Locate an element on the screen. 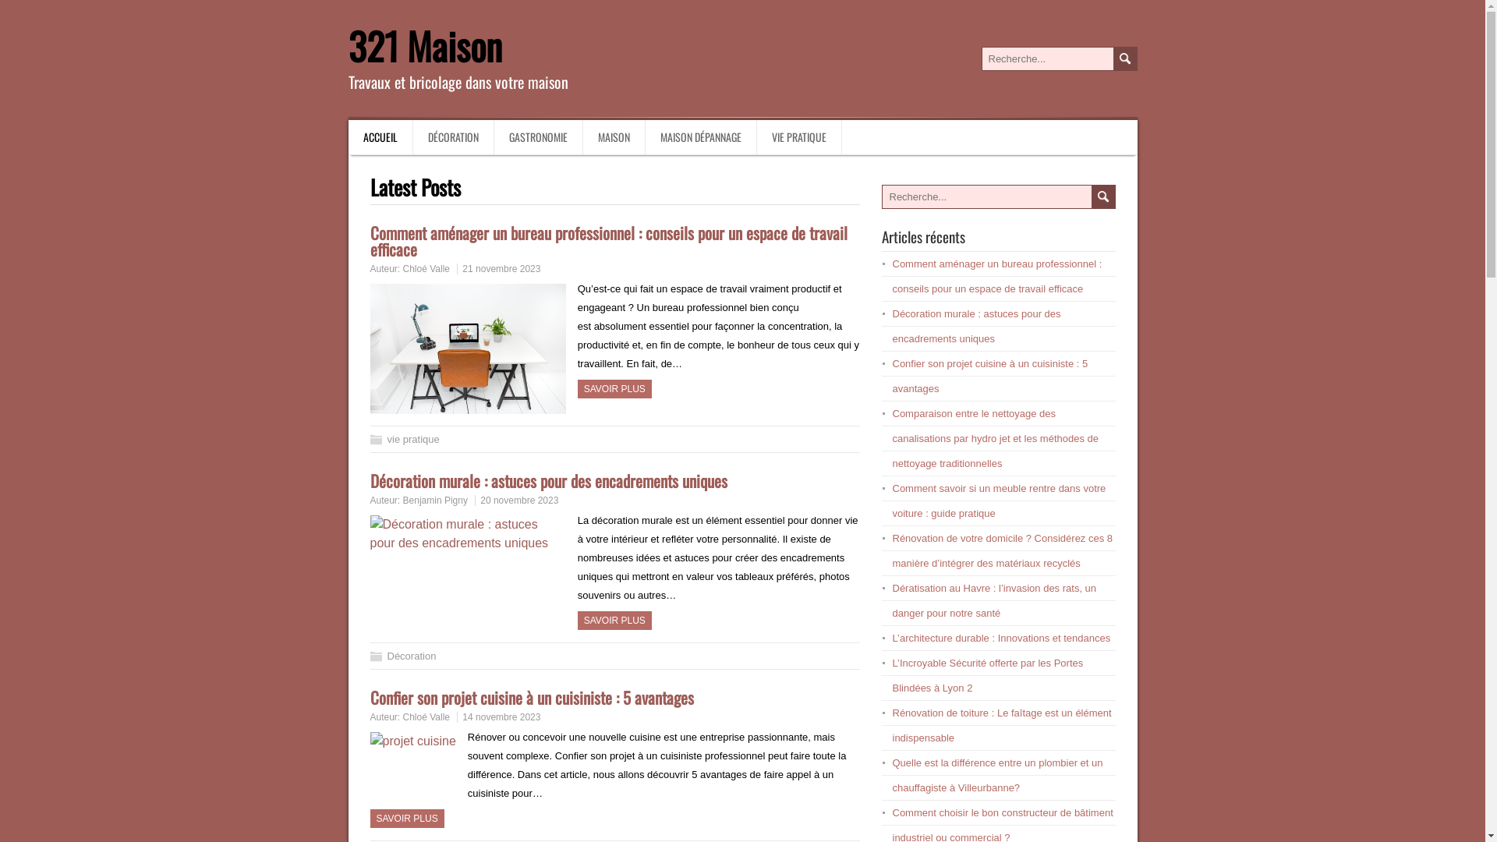  '321 Maison' is located at coordinates (347, 44).